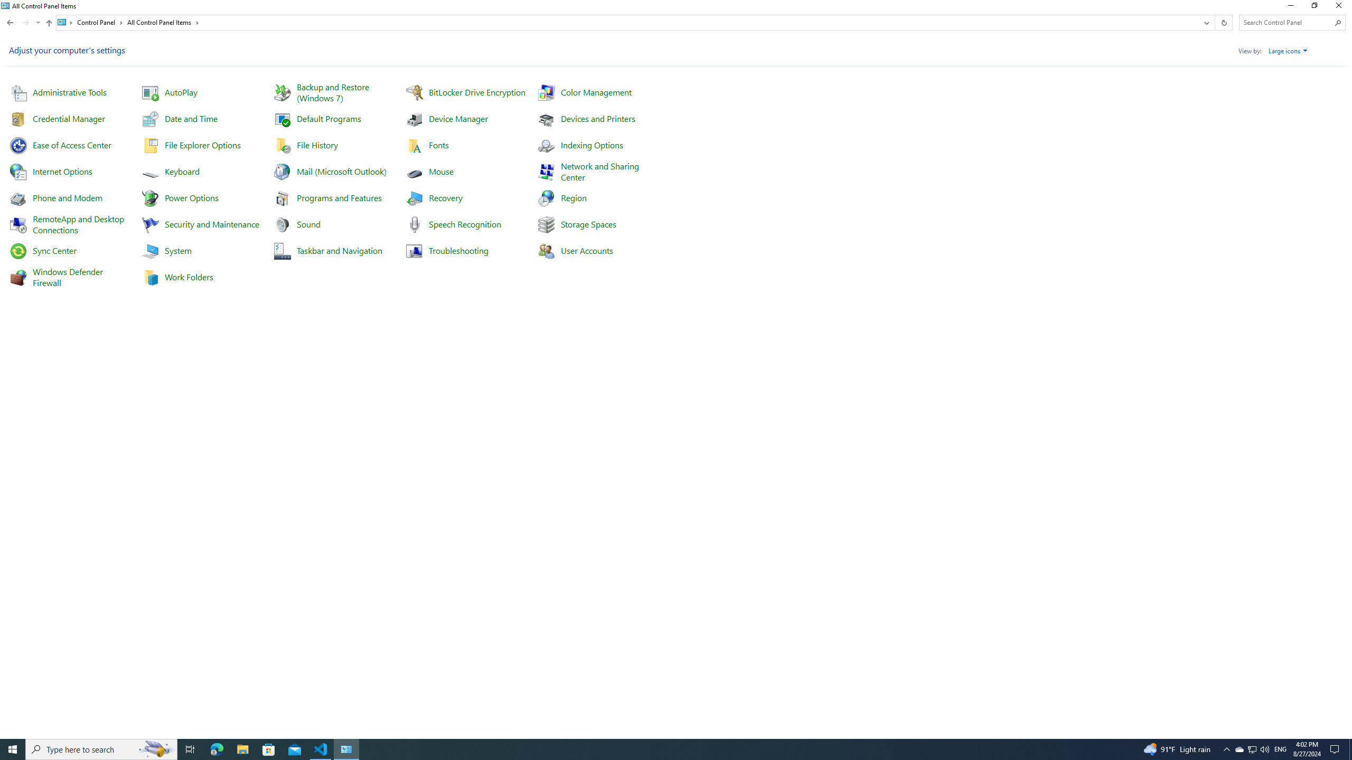  I want to click on 'Device Manager', so click(458, 118).